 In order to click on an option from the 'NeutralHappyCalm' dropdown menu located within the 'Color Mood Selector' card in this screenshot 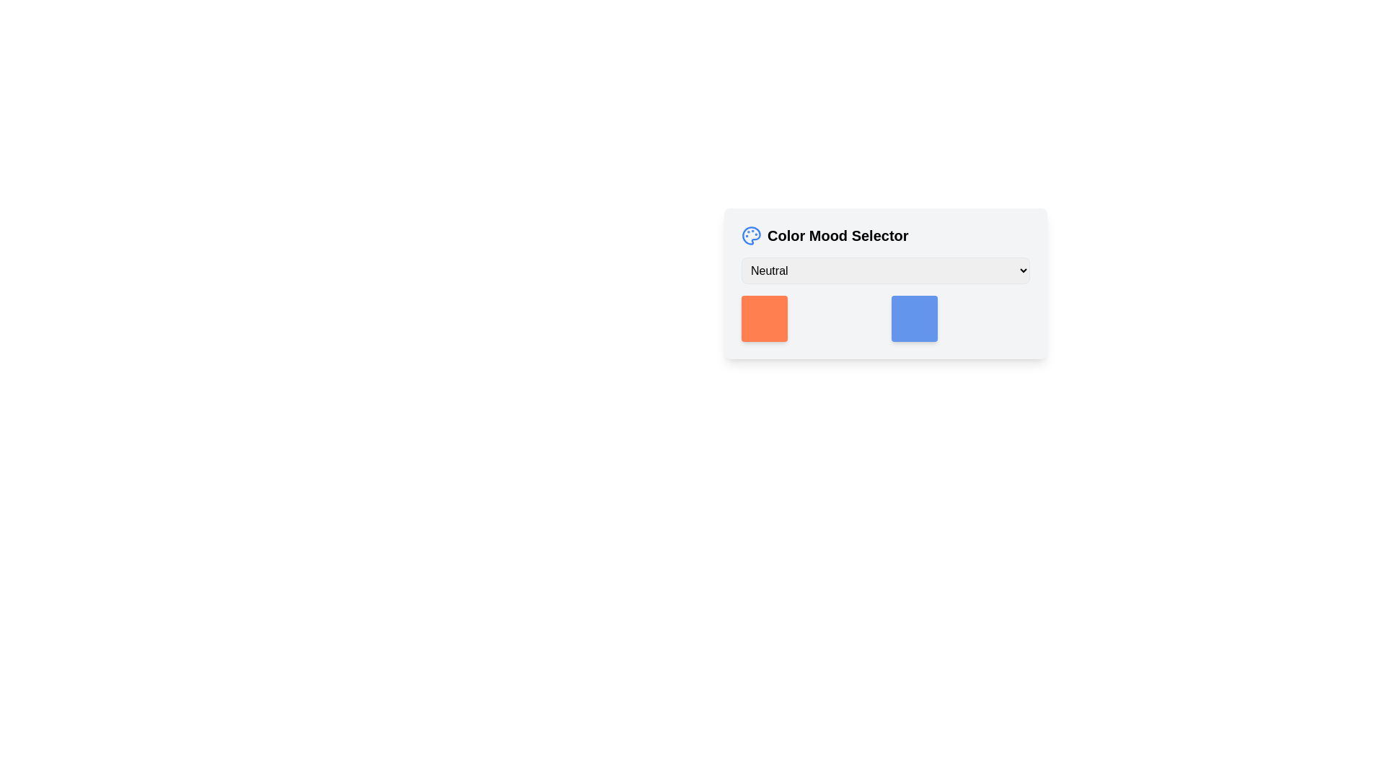, I will do `click(885, 270)`.